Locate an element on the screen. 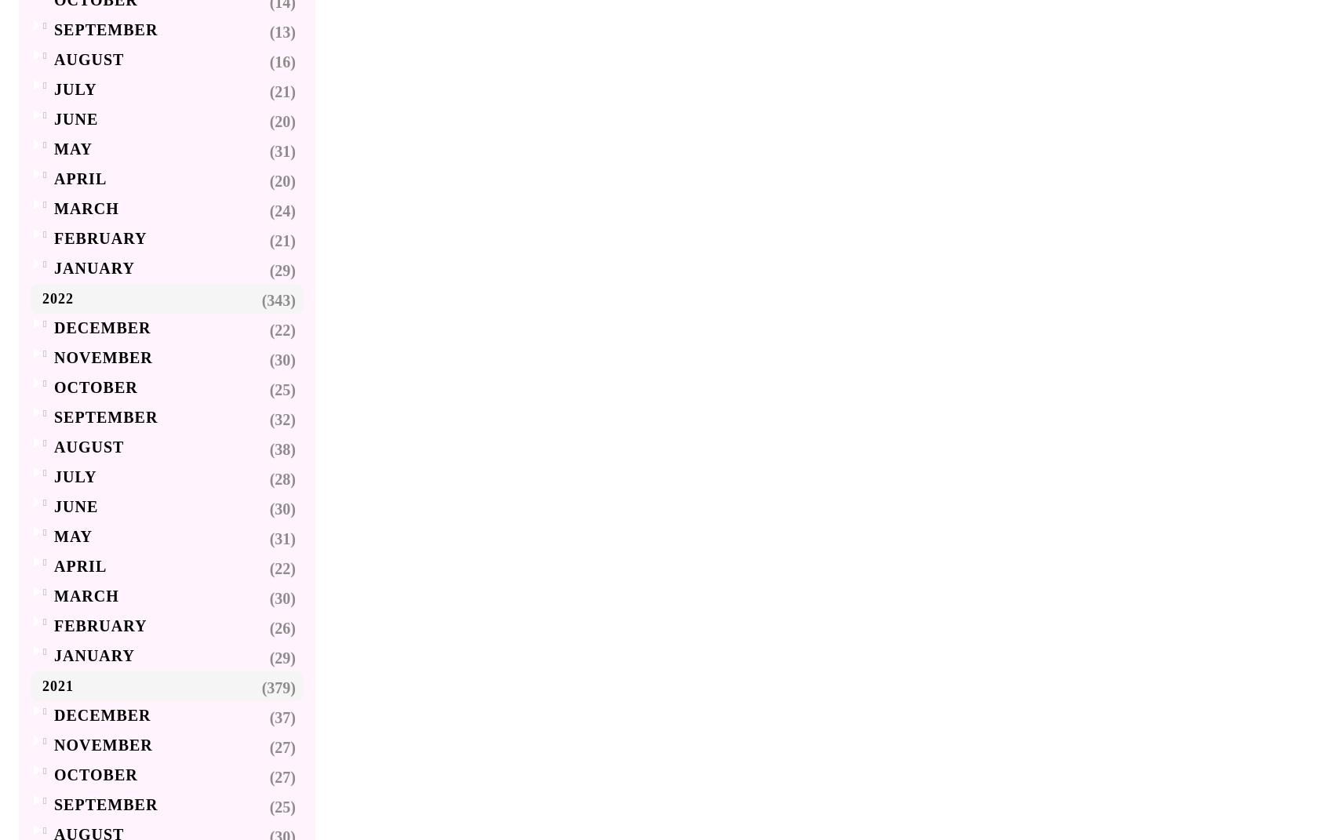 The width and height of the screenshot is (1340, 840). '2021' is located at coordinates (42, 686).